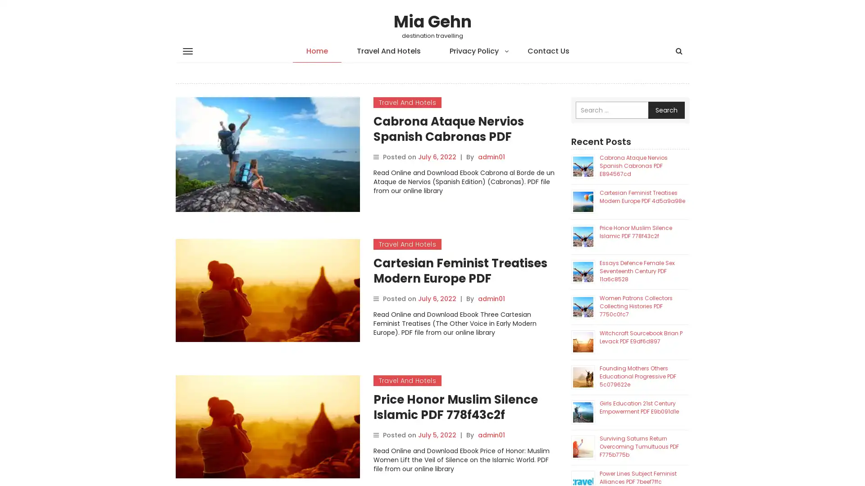 Image resolution: width=865 pixels, height=486 pixels. What do you see at coordinates (666, 110) in the screenshot?
I see `Search` at bounding box center [666, 110].